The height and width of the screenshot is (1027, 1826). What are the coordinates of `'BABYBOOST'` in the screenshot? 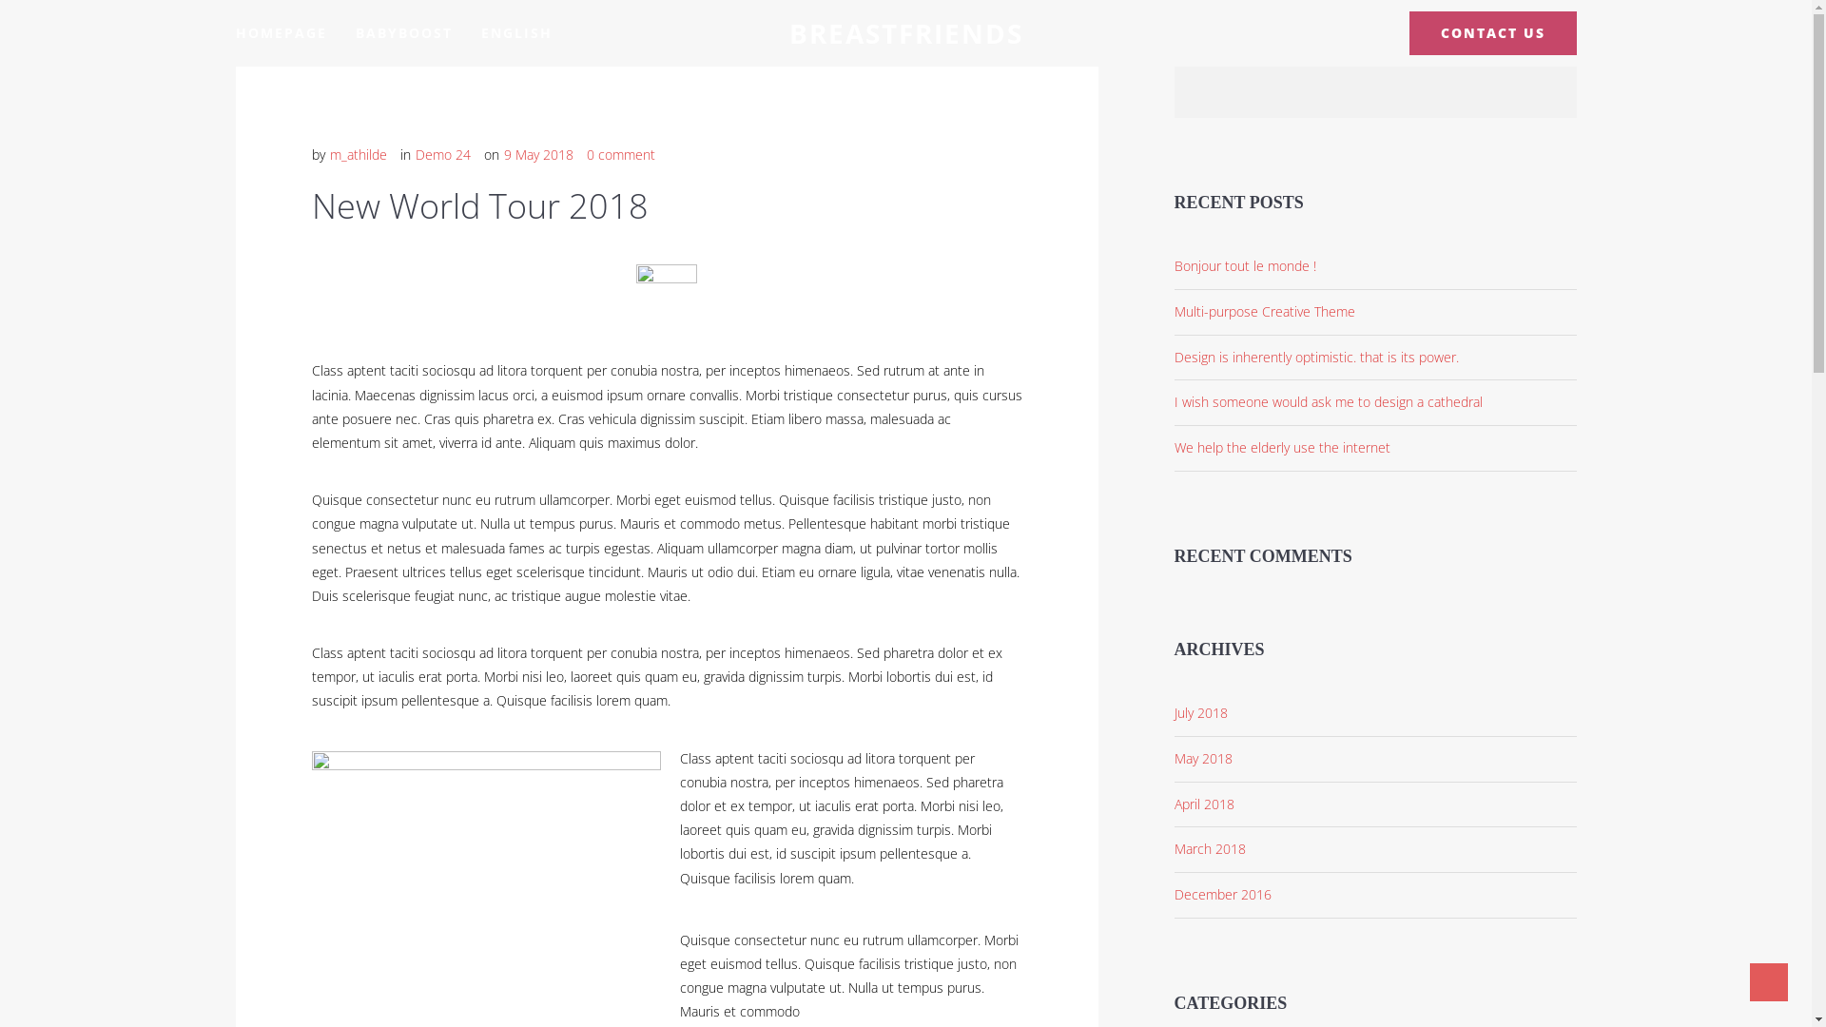 It's located at (403, 32).